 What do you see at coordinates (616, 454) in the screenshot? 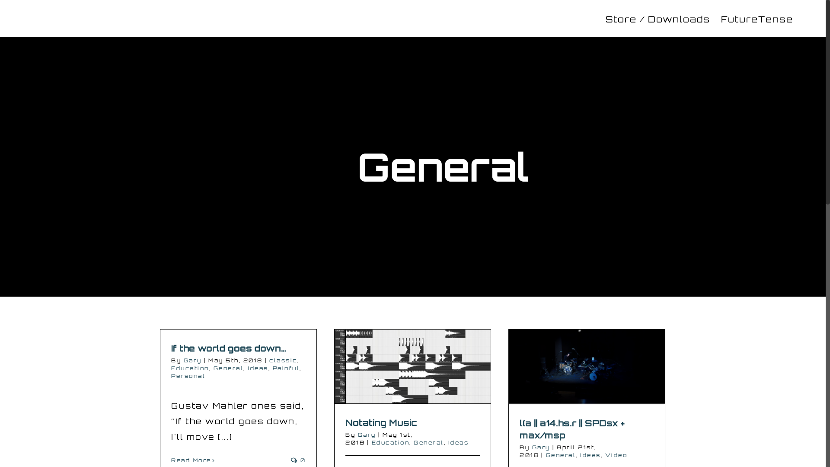
I see `'Video'` at bounding box center [616, 454].